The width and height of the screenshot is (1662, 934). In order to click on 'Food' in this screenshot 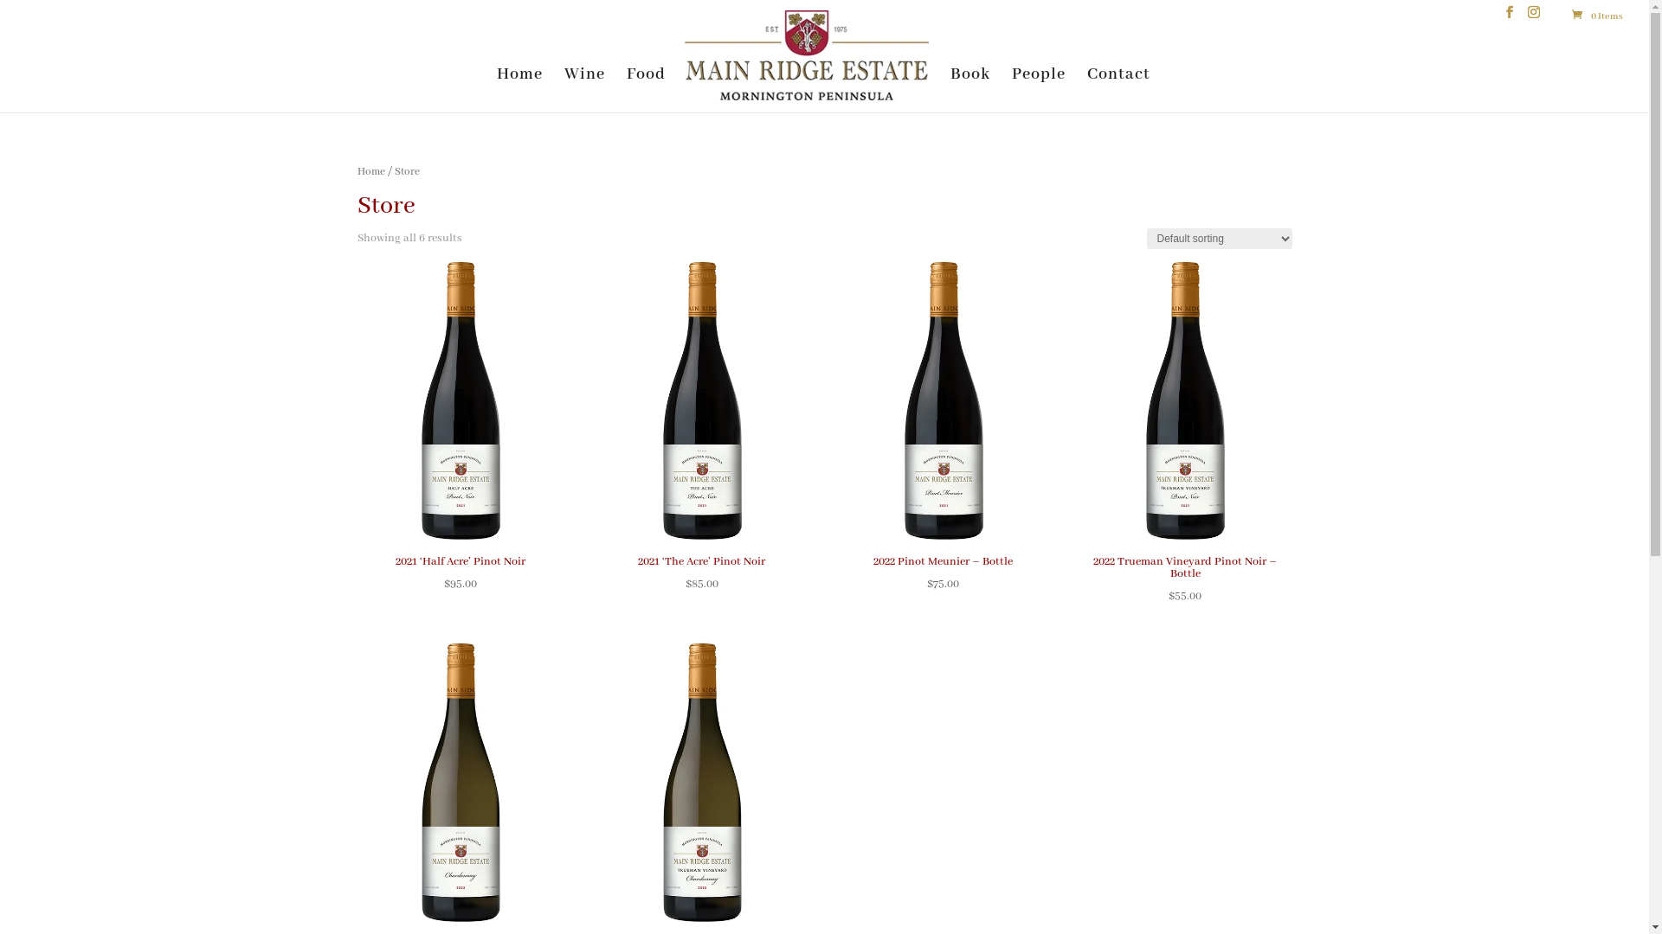, I will do `click(626, 86)`.